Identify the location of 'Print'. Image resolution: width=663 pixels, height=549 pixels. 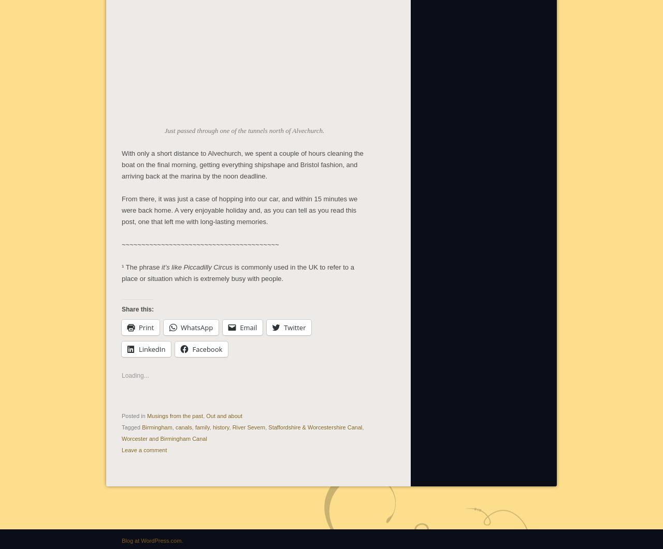
(146, 325).